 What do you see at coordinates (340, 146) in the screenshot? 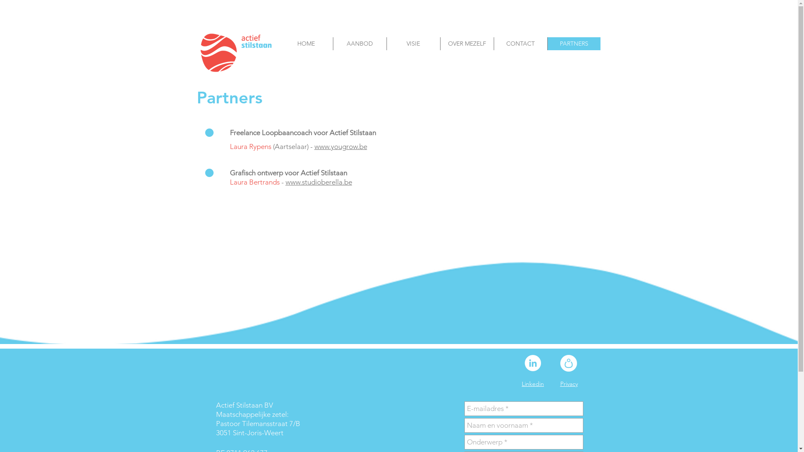
I see `'www.yougrow.be'` at bounding box center [340, 146].